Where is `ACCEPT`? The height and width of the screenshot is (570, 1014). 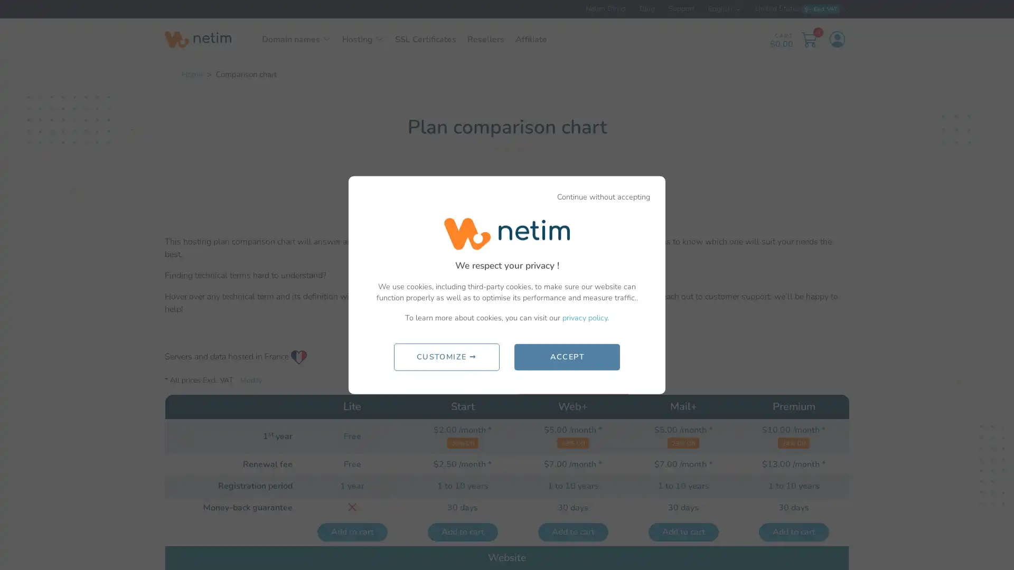
ACCEPT is located at coordinates (567, 356).